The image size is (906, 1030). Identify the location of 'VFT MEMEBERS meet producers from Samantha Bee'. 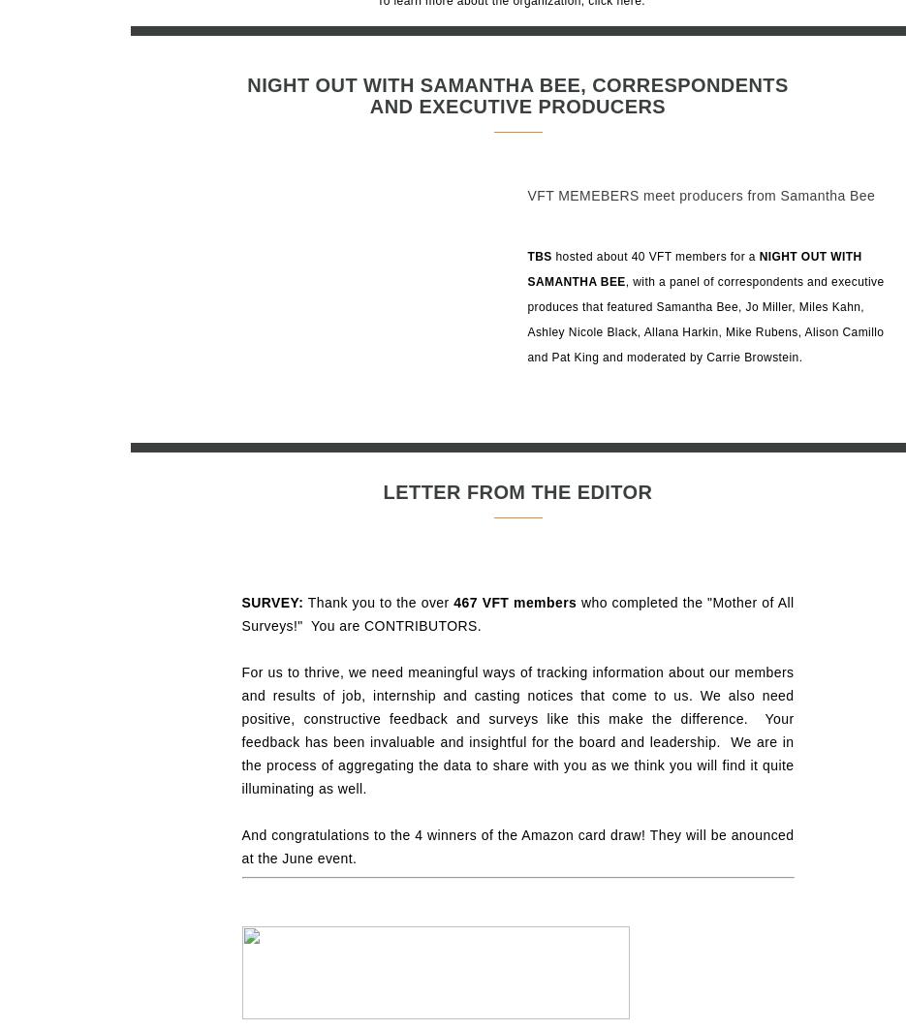
(700, 195).